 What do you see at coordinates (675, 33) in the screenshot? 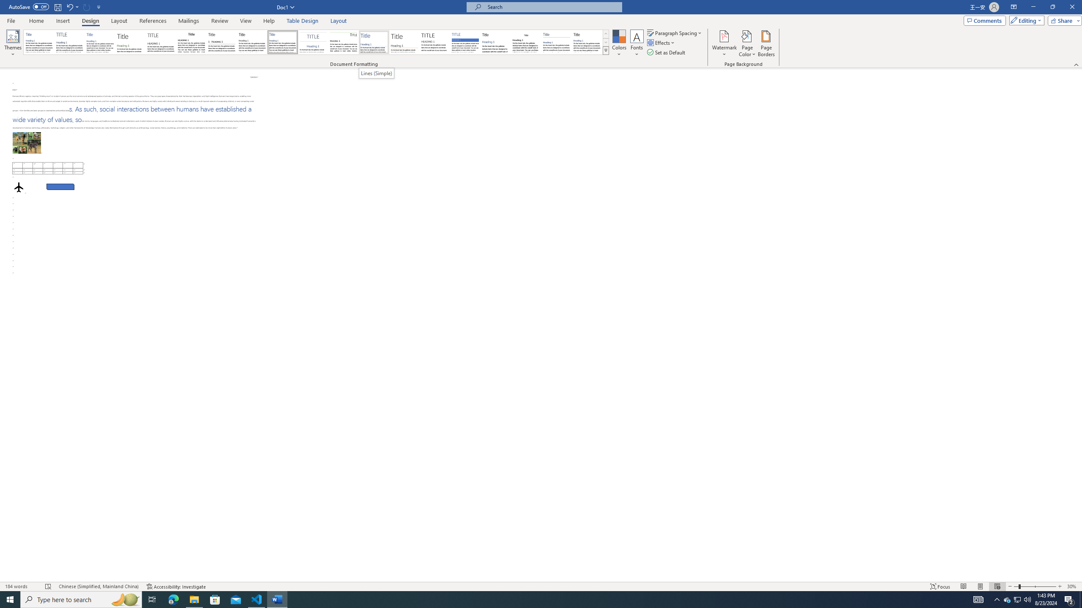
I see `'Paragraph Spacing'` at bounding box center [675, 33].